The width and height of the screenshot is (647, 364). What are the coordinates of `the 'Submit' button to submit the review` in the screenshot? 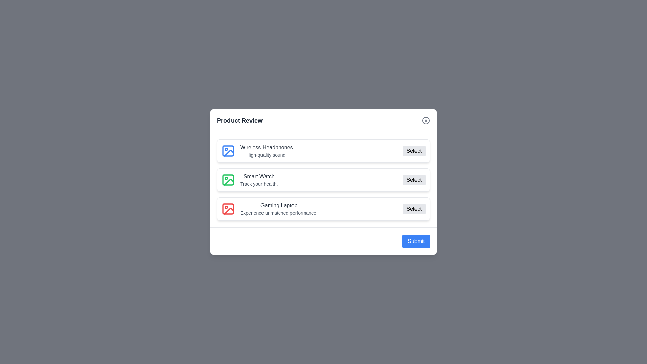 It's located at (415, 241).